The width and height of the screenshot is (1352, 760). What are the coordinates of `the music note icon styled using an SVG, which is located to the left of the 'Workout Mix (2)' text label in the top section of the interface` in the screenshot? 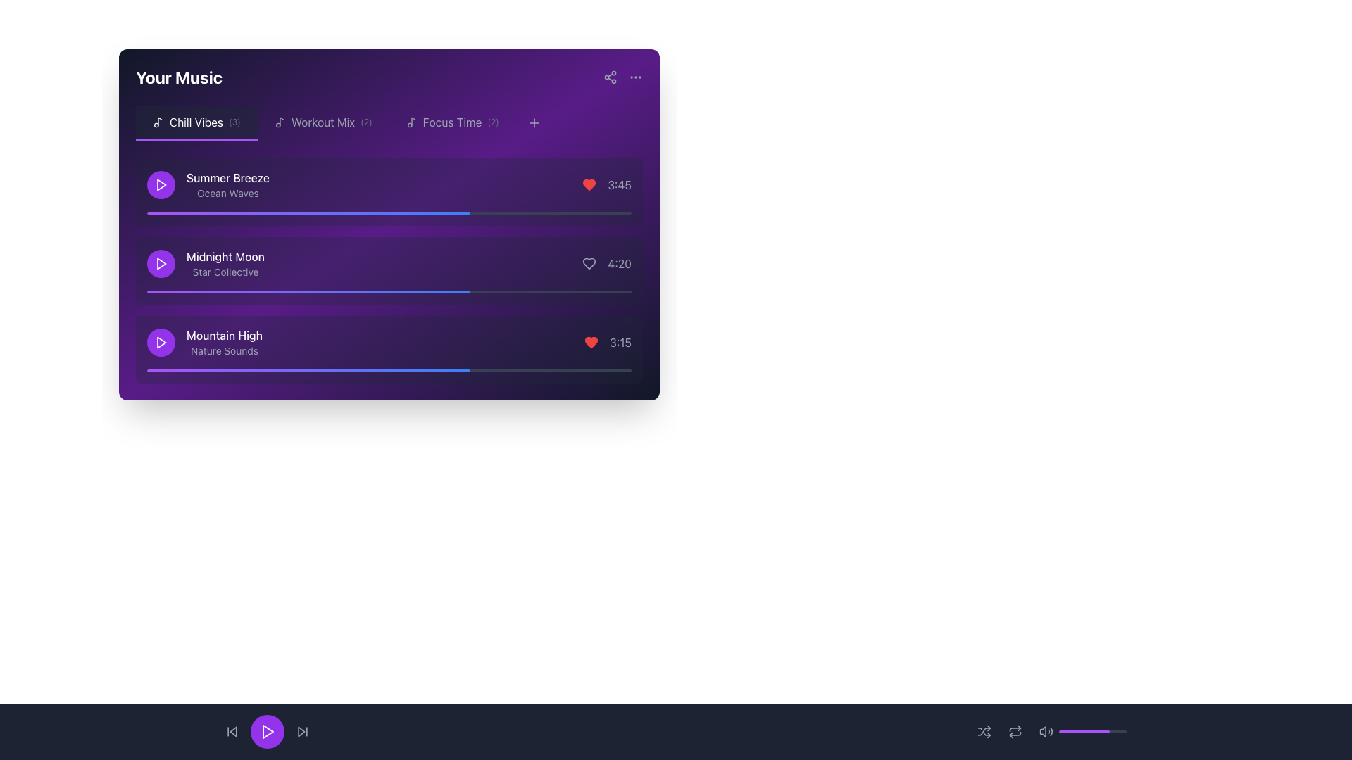 It's located at (280, 121).